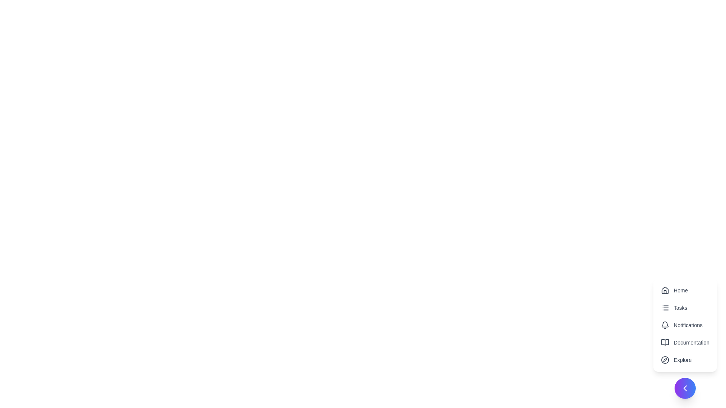 Image resolution: width=726 pixels, height=408 pixels. I want to click on the menu item labeled Home to observe its hover effect, so click(684, 290).